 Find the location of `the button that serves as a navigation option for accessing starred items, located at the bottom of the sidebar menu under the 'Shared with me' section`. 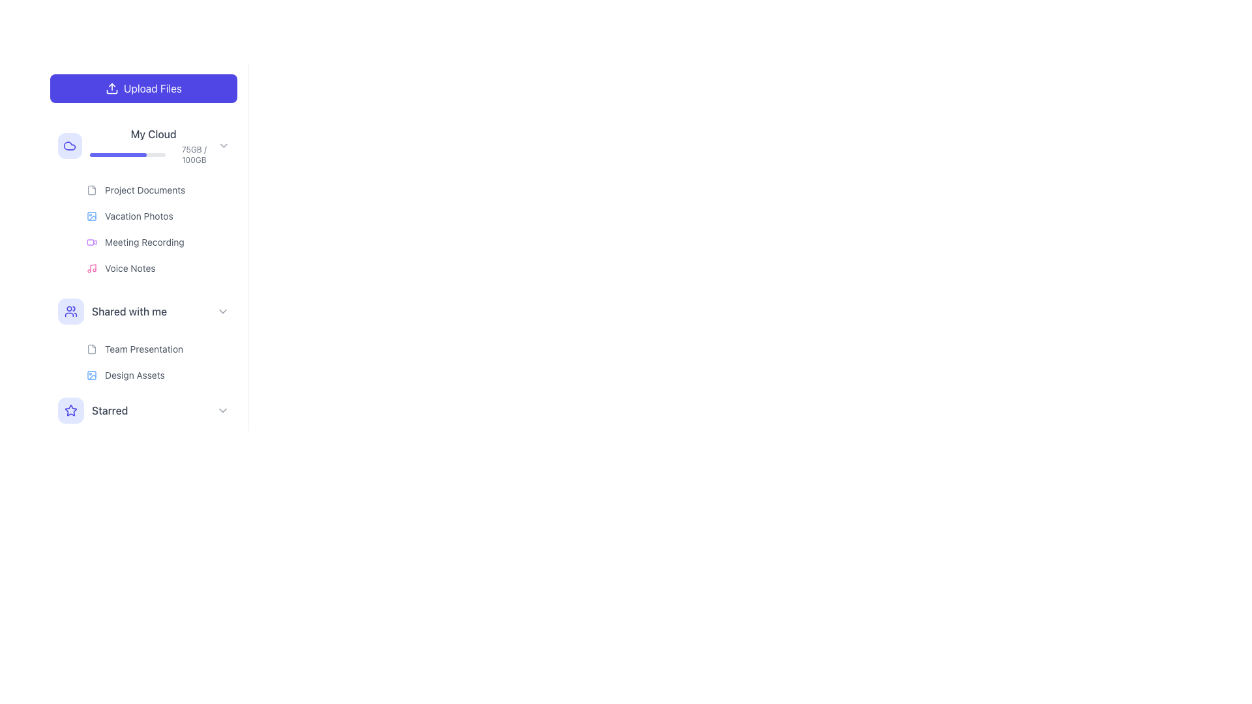

the button that serves as a navigation option for accessing starred items, located at the bottom of the sidebar menu under the 'Shared with me' section is located at coordinates (143, 409).